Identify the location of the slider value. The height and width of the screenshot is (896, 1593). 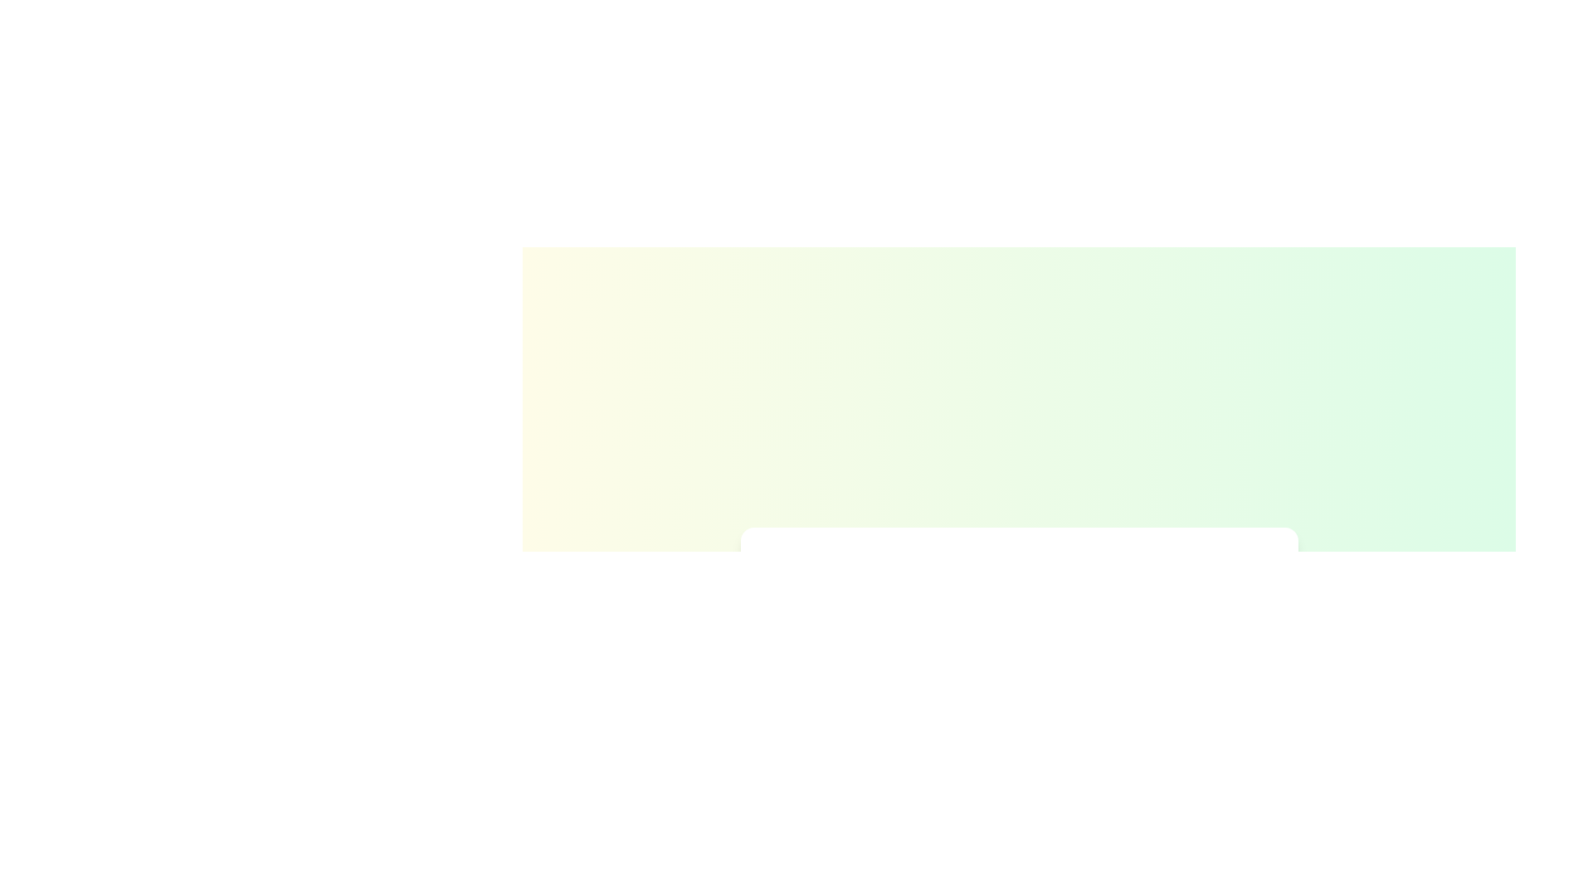
(1112, 699).